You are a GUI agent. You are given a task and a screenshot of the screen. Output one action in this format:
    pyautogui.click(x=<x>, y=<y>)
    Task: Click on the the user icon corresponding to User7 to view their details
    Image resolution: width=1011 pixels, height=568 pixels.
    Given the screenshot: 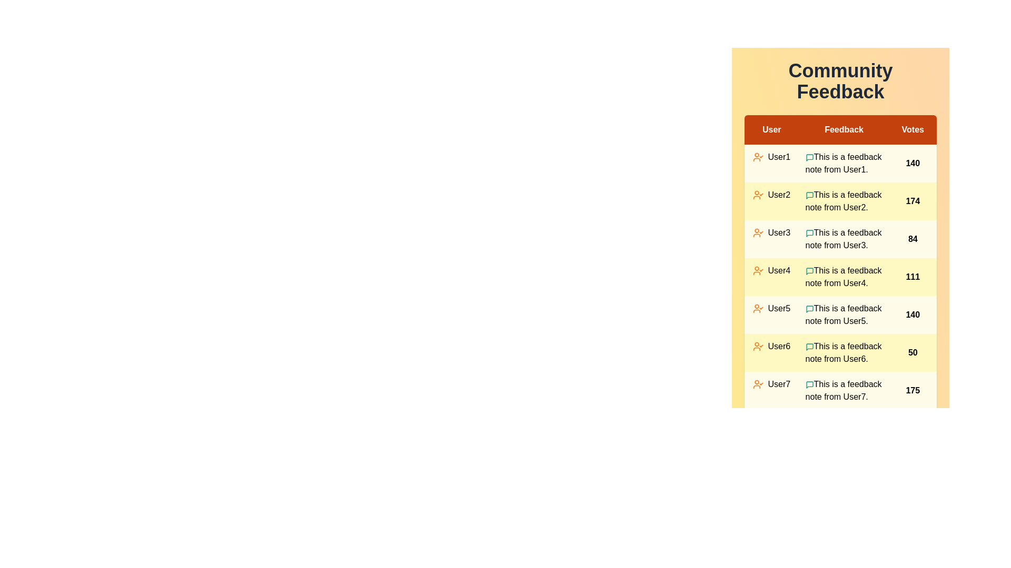 What is the action you would take?
    pyautogui.click(x=758, y=384)
    